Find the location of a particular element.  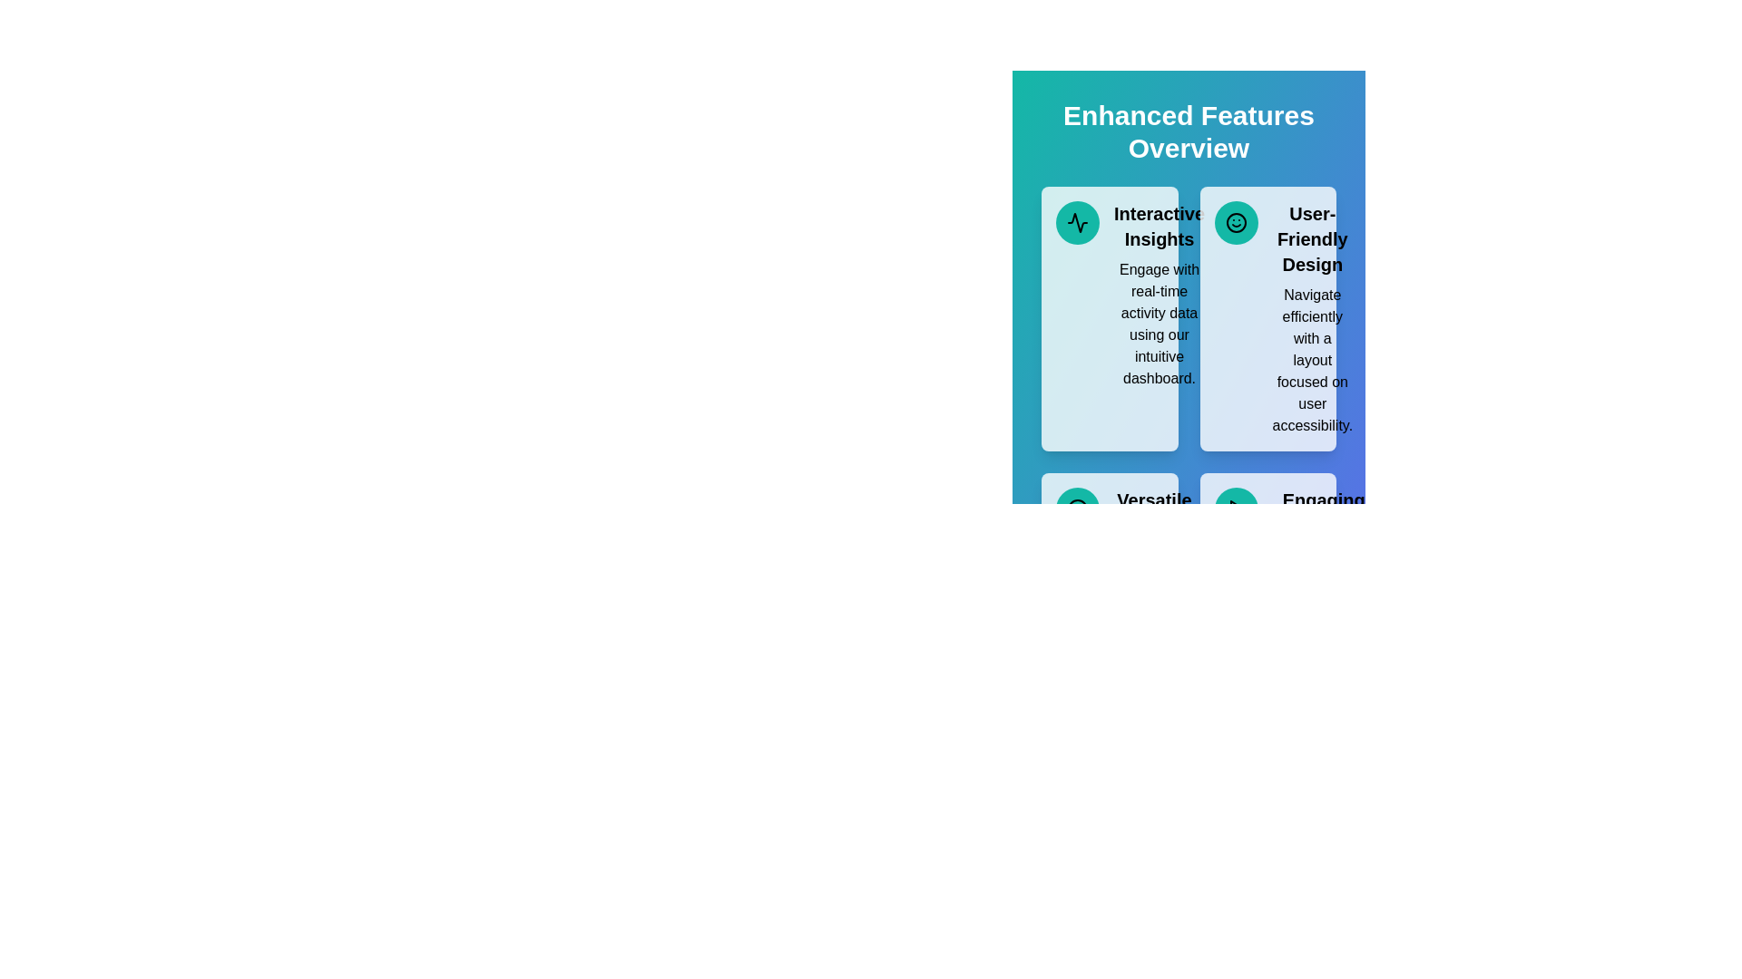

the text label displaying 'Versatile Elements' in bold, large font, which is located at the top of its card component in the lower left quadrant of the interface is located at coordinates (1153, 513).